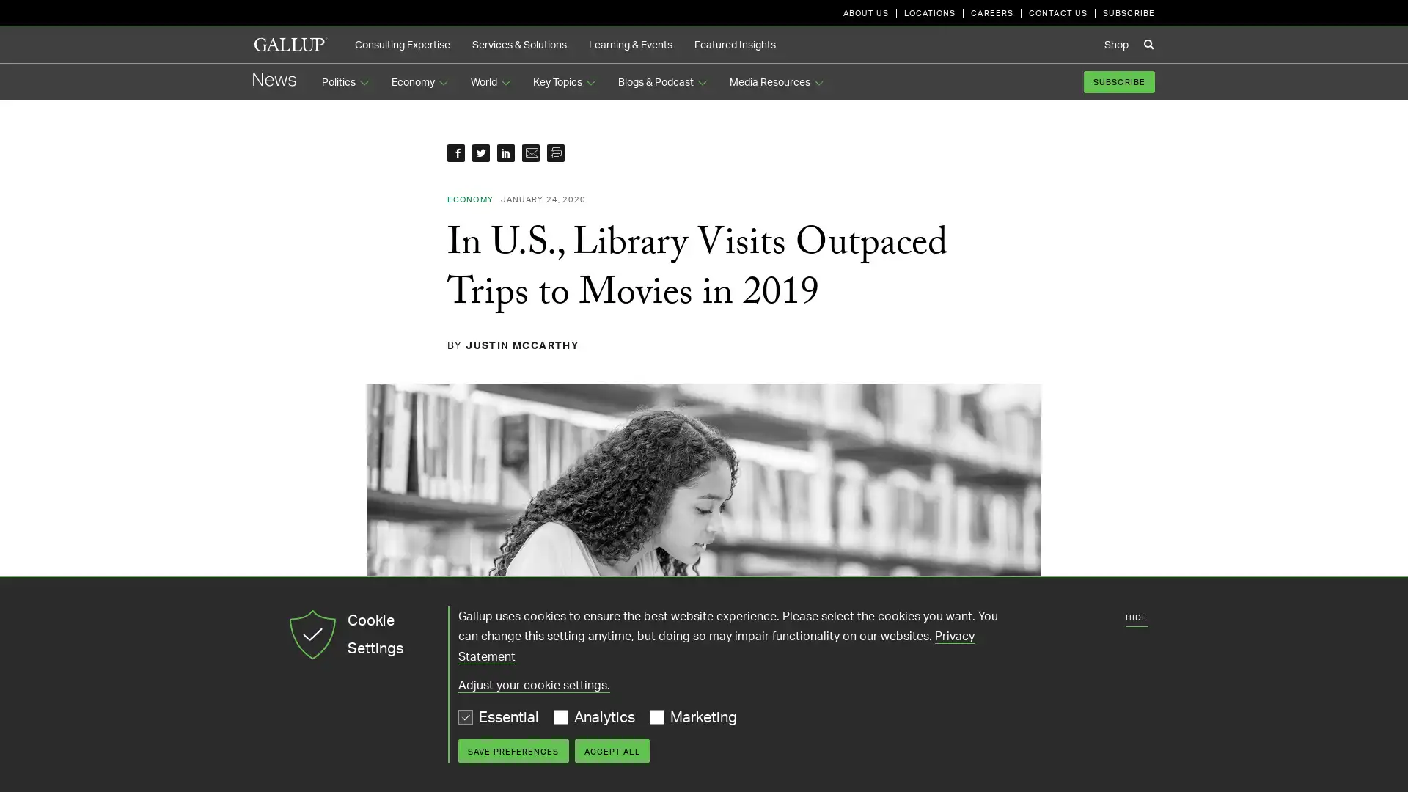 The width and height of the screenshot is (1408, 792). Describe the element at coordinates (612, 750) in the screenshot. I see `ACCEPT ALL` at that location.